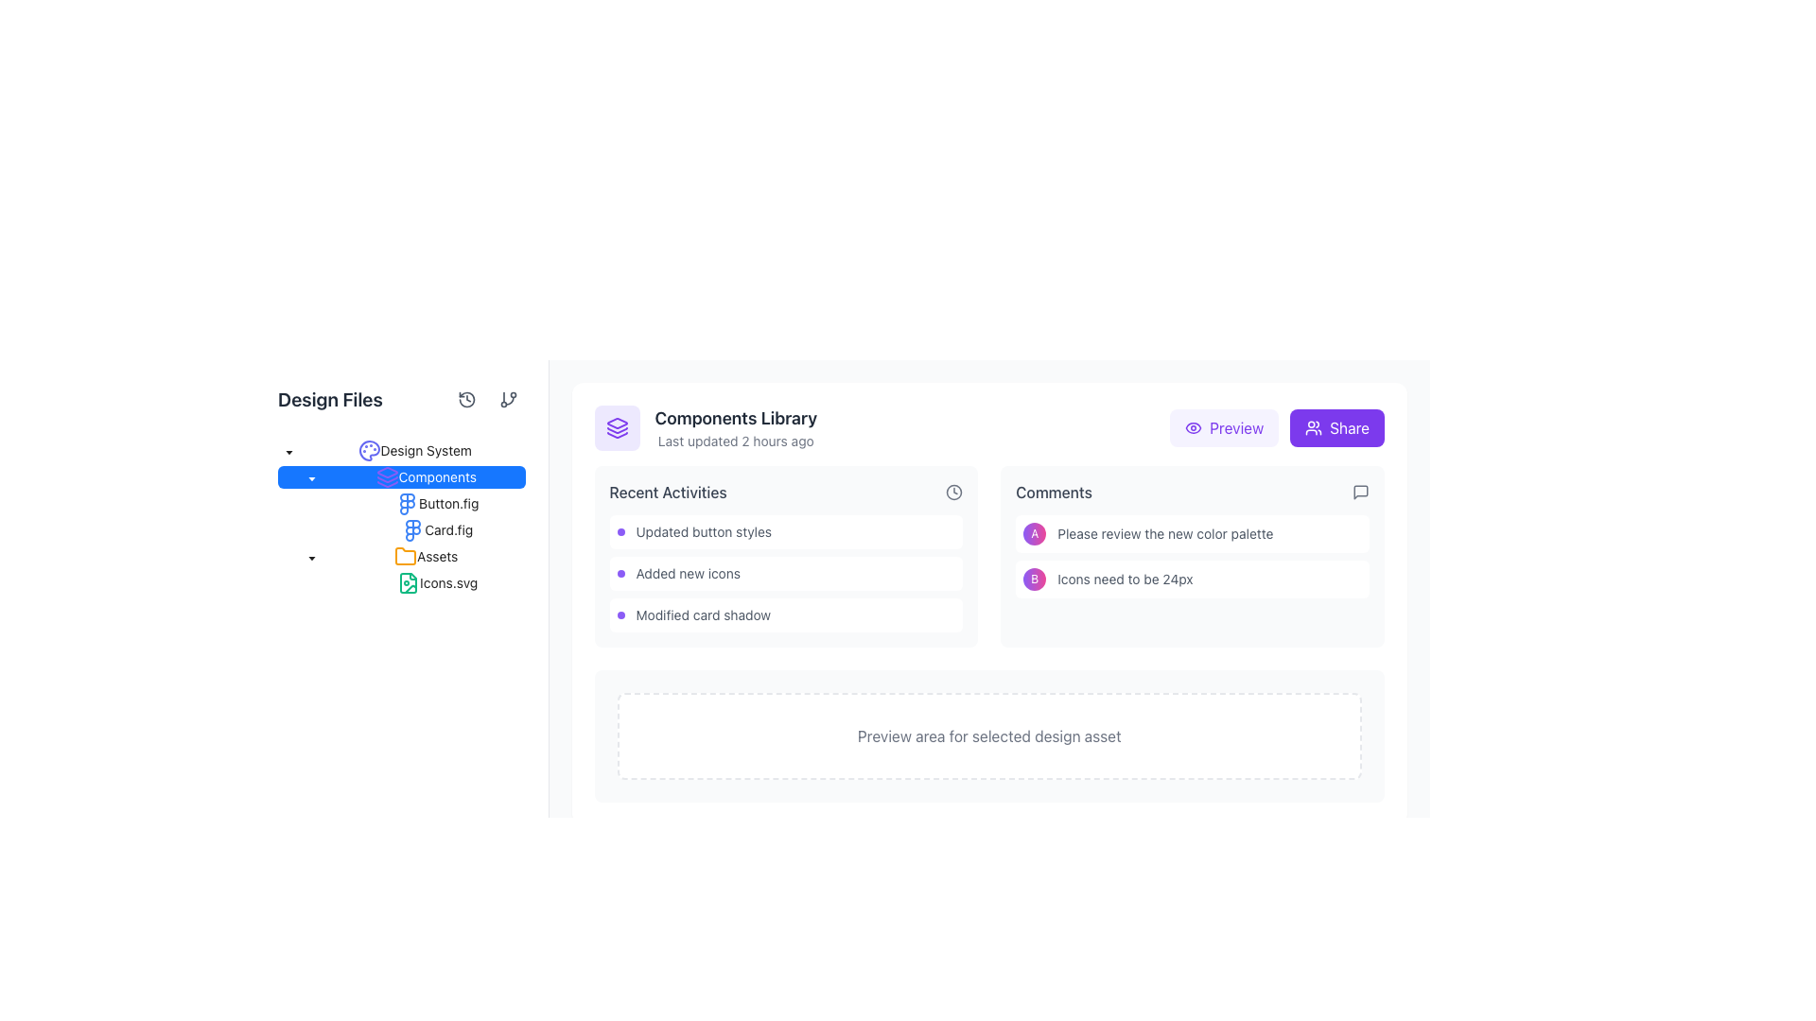 Image resolution: width=1816 pixels, height=1021 pixels. What do you see at coordinates (425, 476) in the screenshot?
I see `the selectable tree node for 'Components' located in the left navigation pane, directly below 'Design System' and above 'Button.fig' and 'Card.fig'` at bounding box center [425, 476].